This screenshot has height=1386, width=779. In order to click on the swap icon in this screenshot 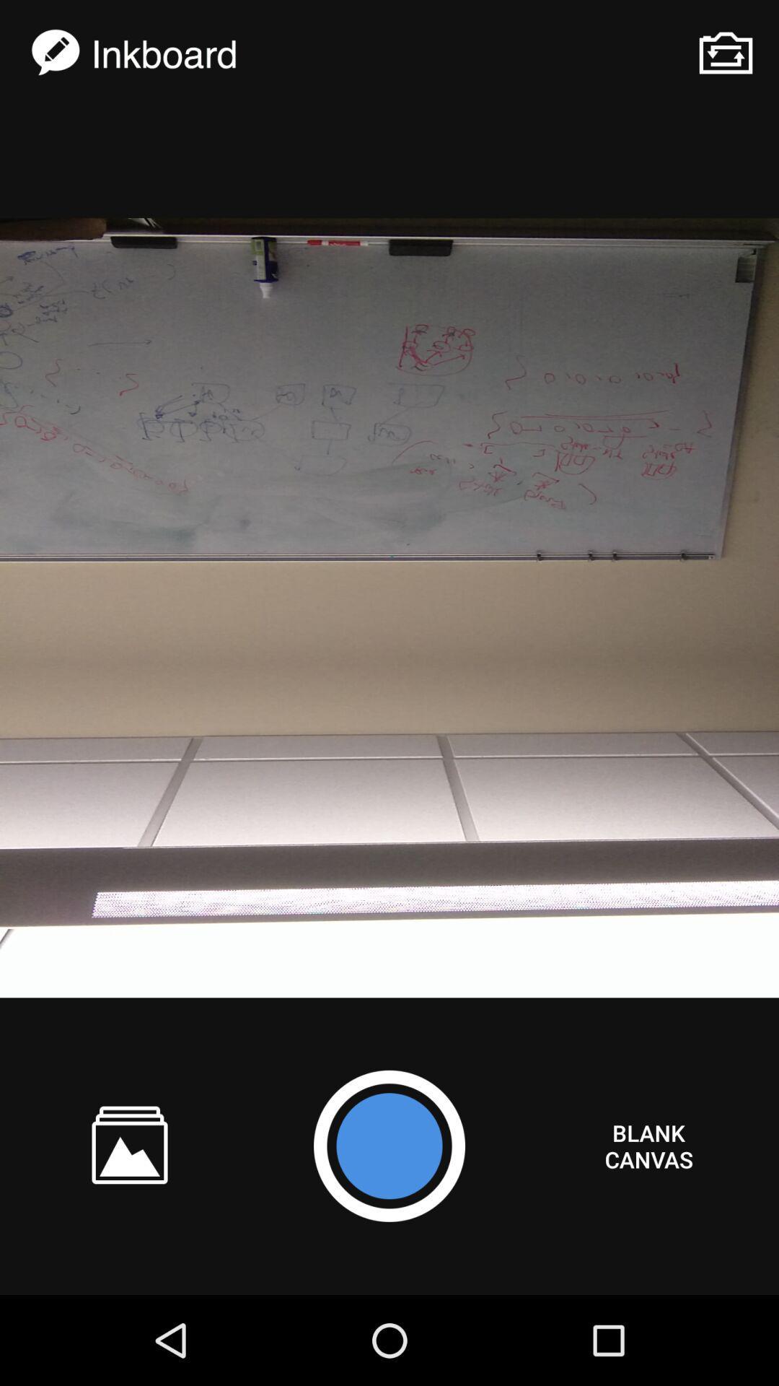, I will do `click(726, 53)`.